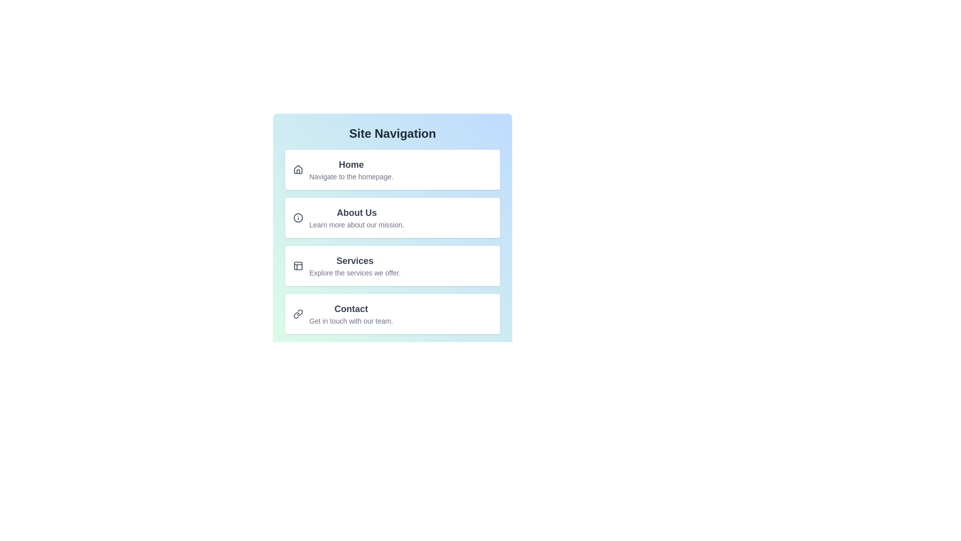  What do you see at coordinates (392, 217) in the screenshot?
I see `the second navigation link in the menu, located under 'Home' and above 'Services'` at bounding box center [392, 217].